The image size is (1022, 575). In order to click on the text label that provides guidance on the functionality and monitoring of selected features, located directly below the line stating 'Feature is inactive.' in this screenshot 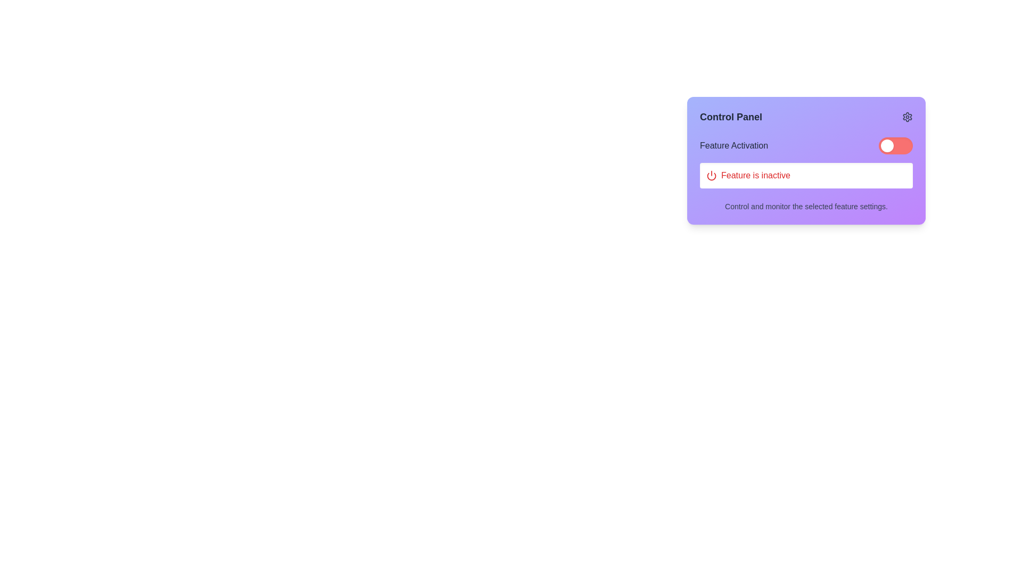, I will do `click(806, 207)`.